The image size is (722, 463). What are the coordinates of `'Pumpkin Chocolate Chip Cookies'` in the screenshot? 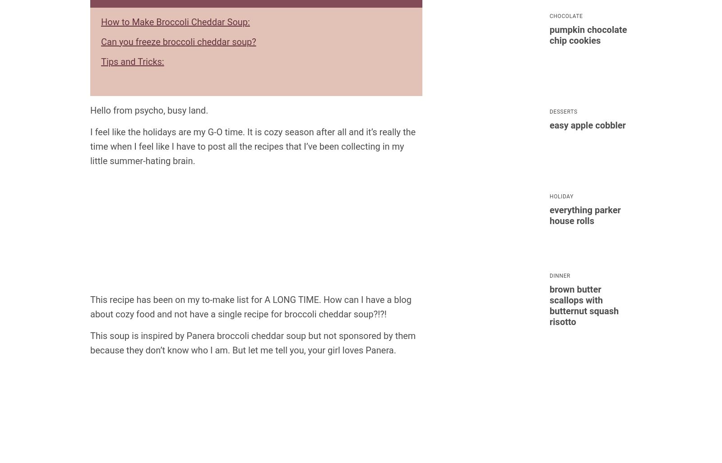 It's located at (588, 34).